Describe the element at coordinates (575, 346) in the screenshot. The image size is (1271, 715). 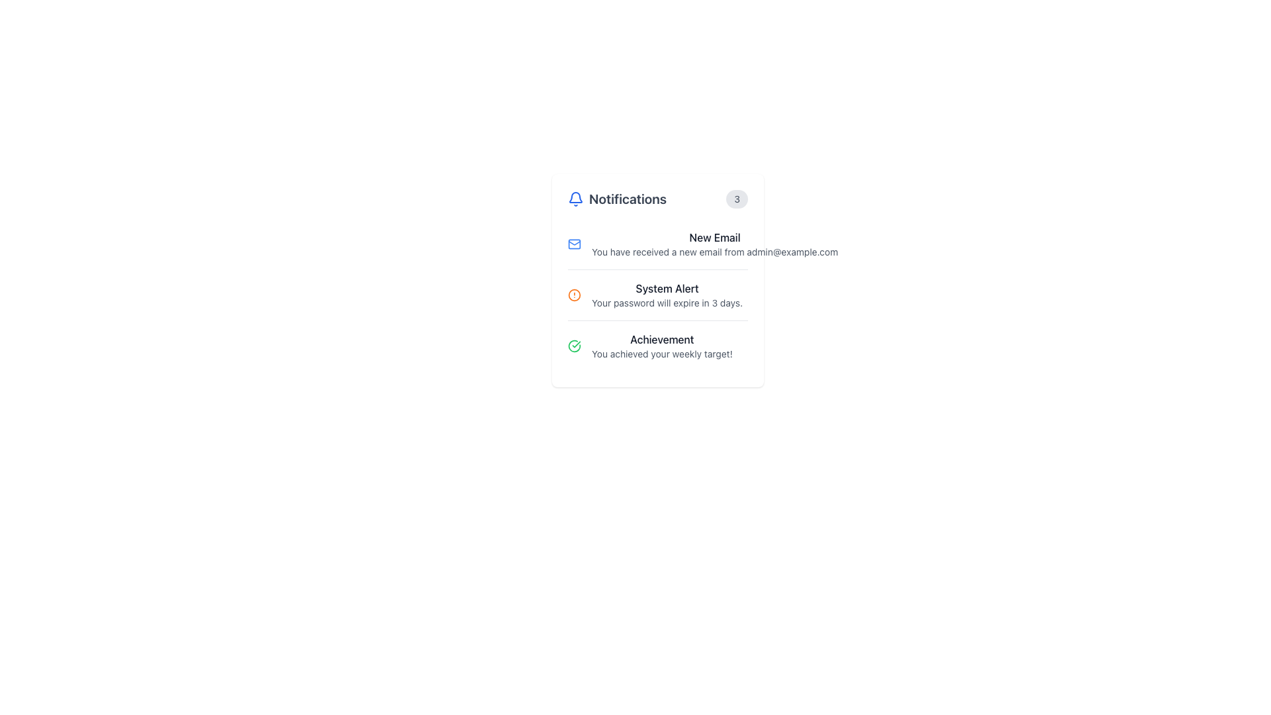
I see `the green circle icon with a check mark, indicating a successful or completed action, located to the left of the 'Achievement' text label in the notification list` at that location.